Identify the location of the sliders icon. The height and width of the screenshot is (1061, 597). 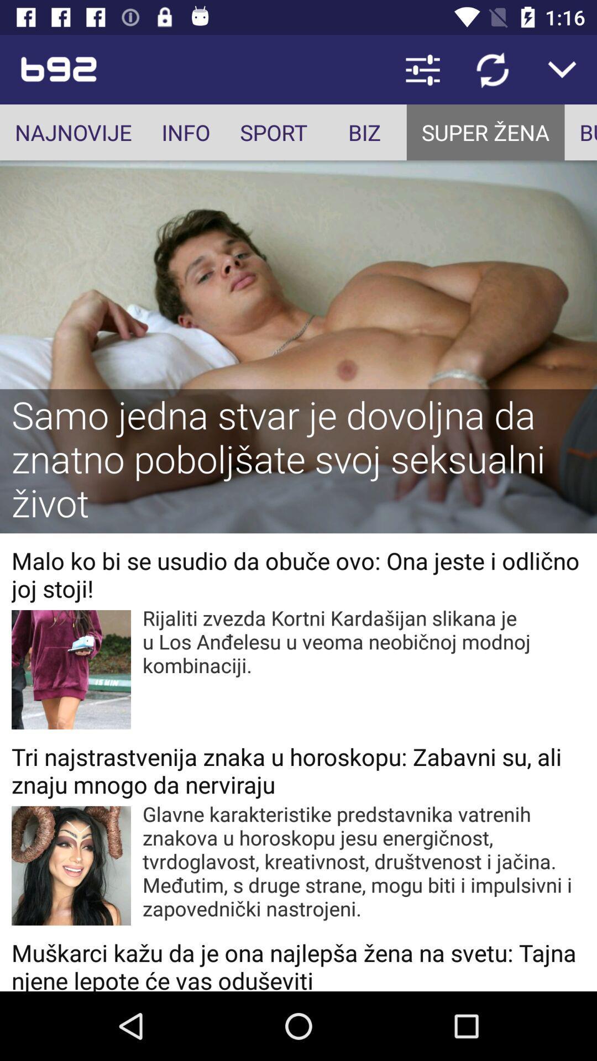
(422, 69).